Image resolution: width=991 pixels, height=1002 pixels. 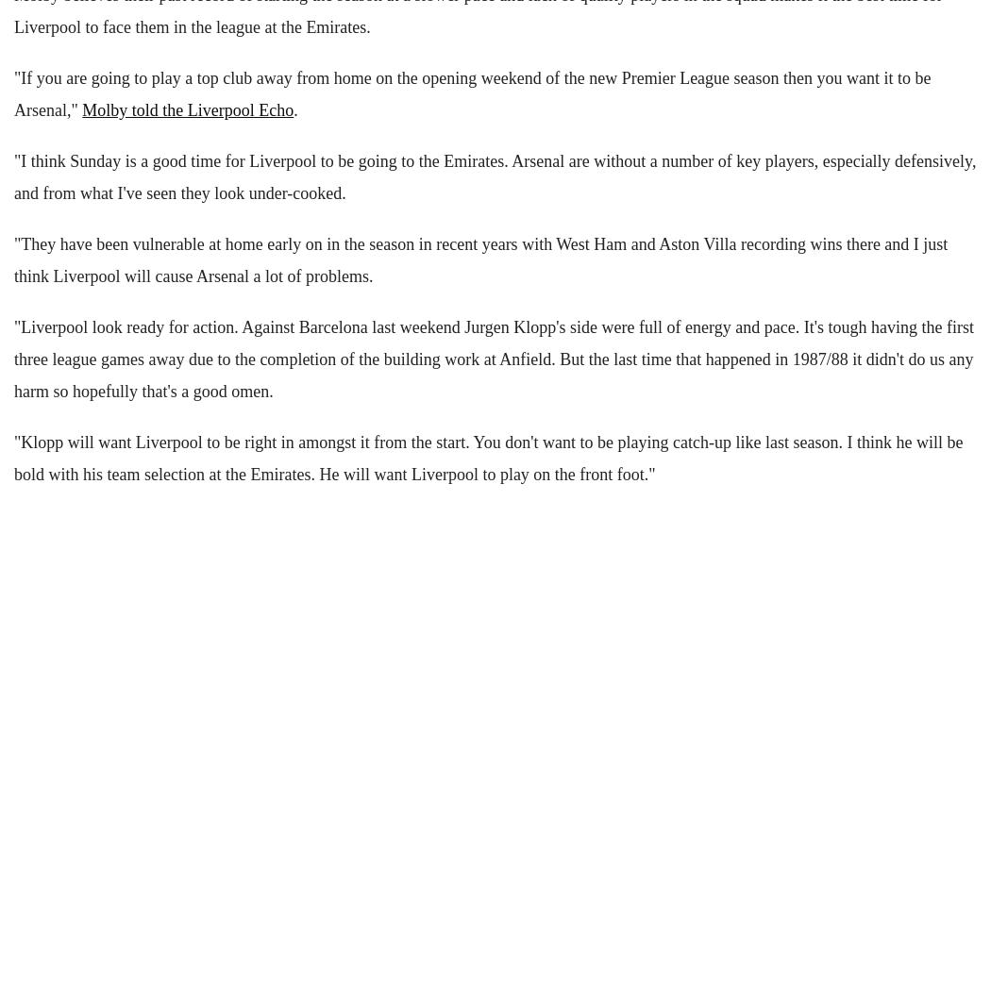 What do you see at coordinates (45, 60) in the screenshot?
I see `'Technology'` at bounding box center [45, 60].